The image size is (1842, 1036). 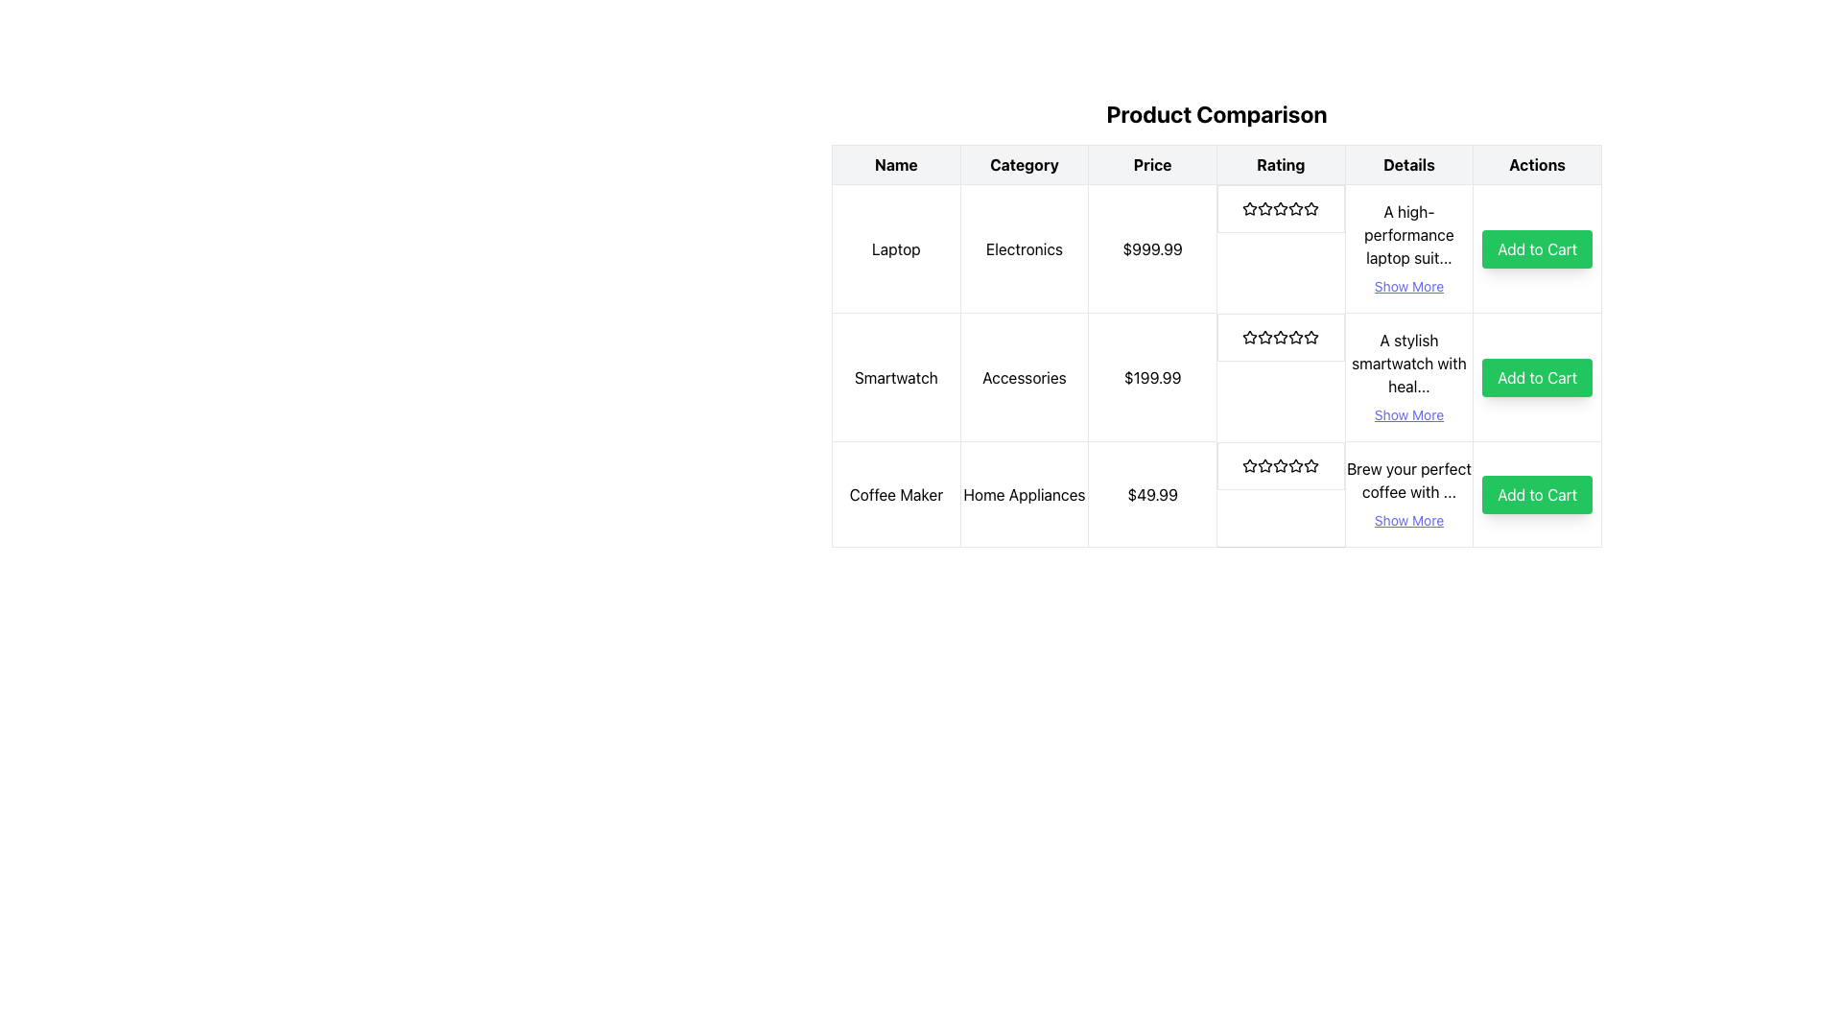 What do you see at coordinates (1250, 465) in the screenshot?
I see `the star-shaped icon with a black outline located in the third row of the product comparison table under the 'Rating' column for the 'Coffee Maker' product` at bounding box center [1250, 465].